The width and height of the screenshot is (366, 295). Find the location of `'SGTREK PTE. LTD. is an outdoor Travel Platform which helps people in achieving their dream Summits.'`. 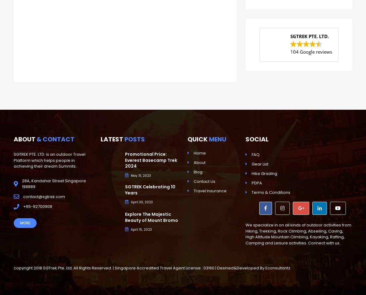

'SGTREK PTE. LTD. is an outdoor Travel Platform which helps people in achieving their dream Summits.' is located at coordinates (49, 160).